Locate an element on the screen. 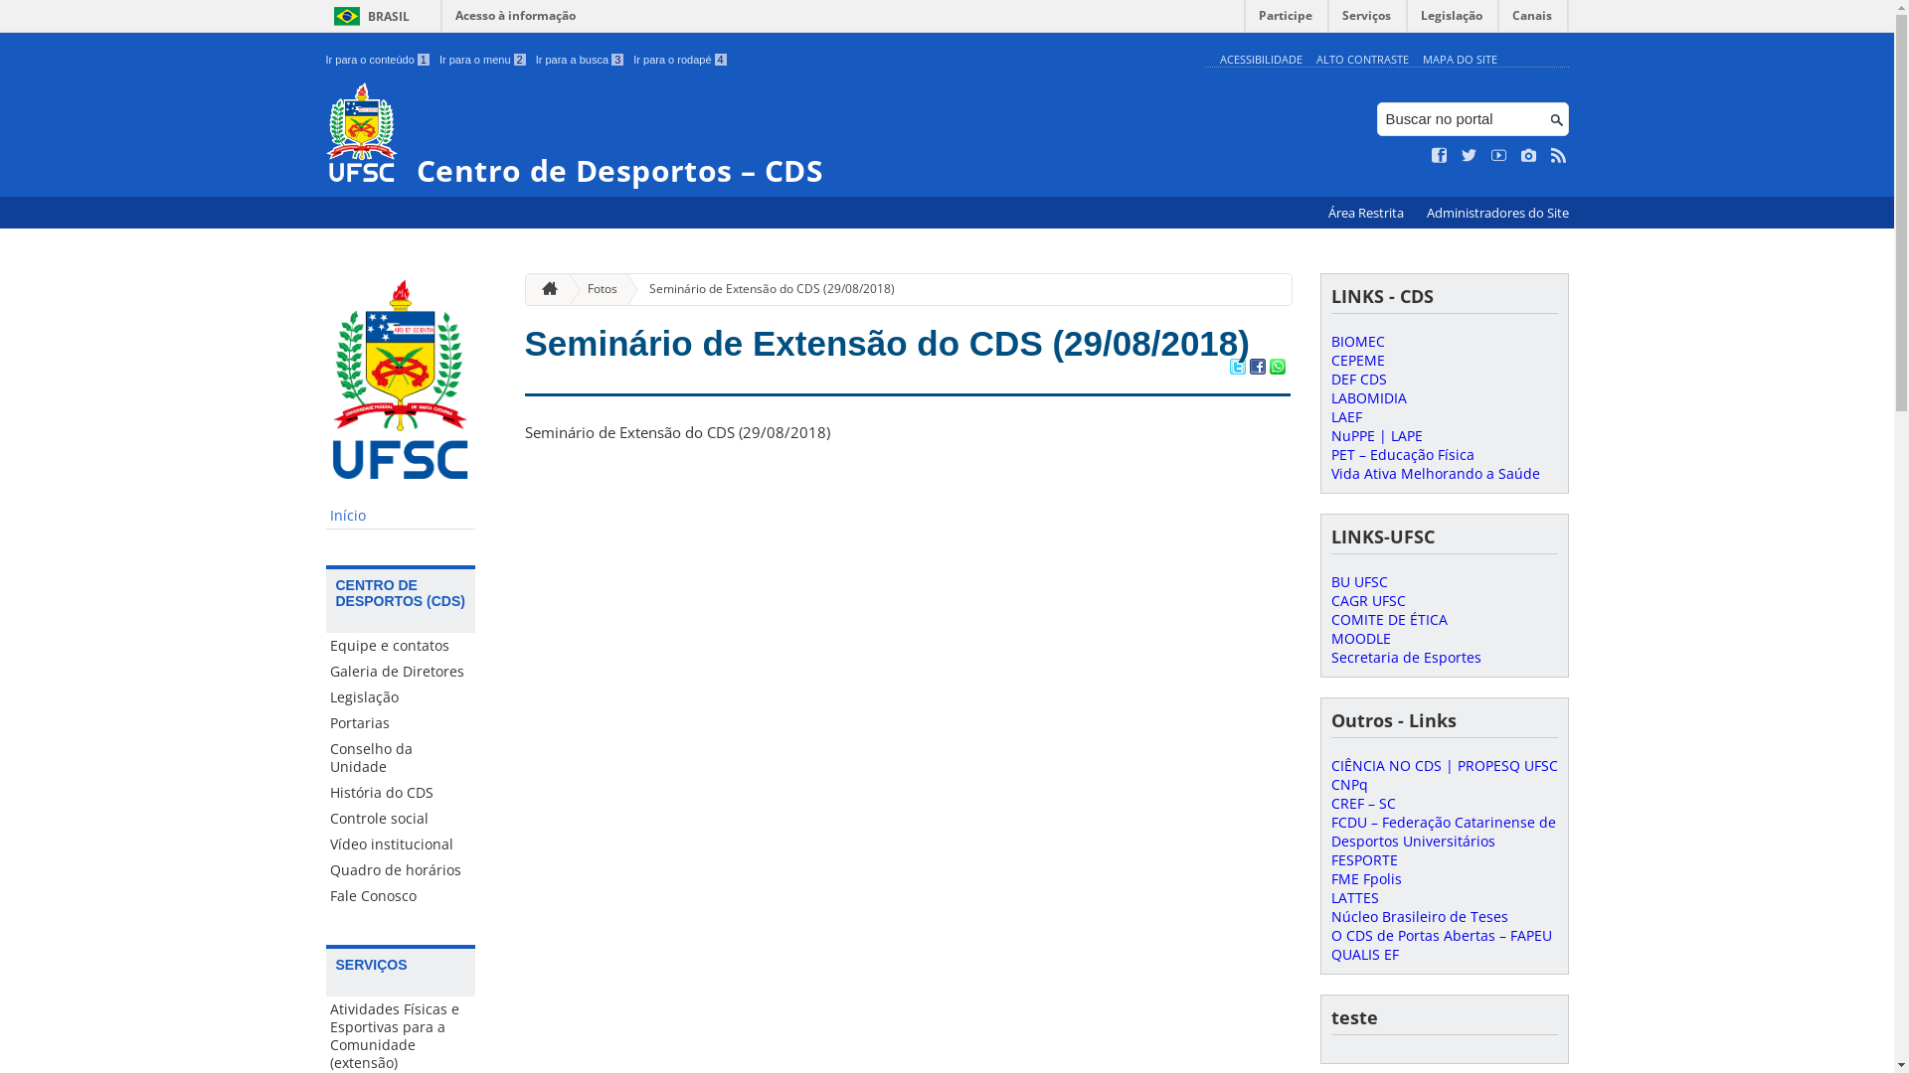 The width and height of the screenshot is (1909, 1073). 'FESPORTE' is located at coordinates (1362, 858).